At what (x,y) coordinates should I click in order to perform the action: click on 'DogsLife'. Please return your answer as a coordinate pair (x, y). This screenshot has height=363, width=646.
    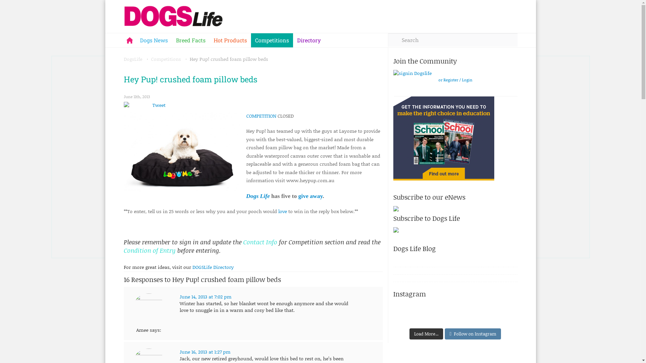
    Looking at the image, I should click on (133, 58).